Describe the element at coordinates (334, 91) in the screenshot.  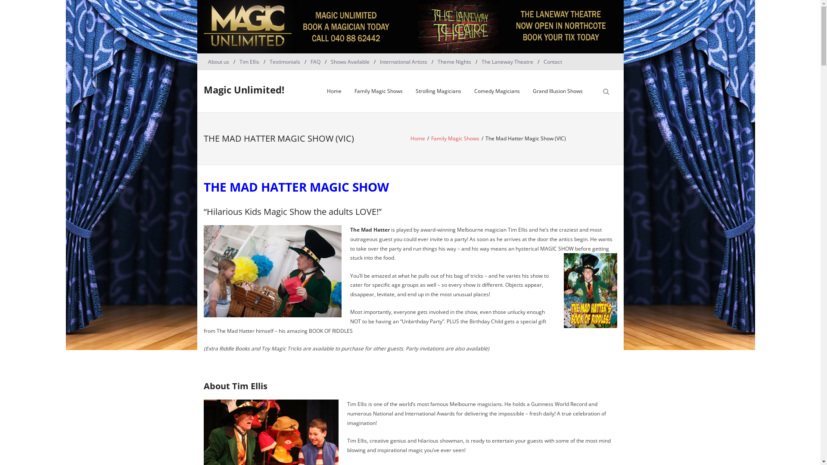
I see `'Home'` at that location.